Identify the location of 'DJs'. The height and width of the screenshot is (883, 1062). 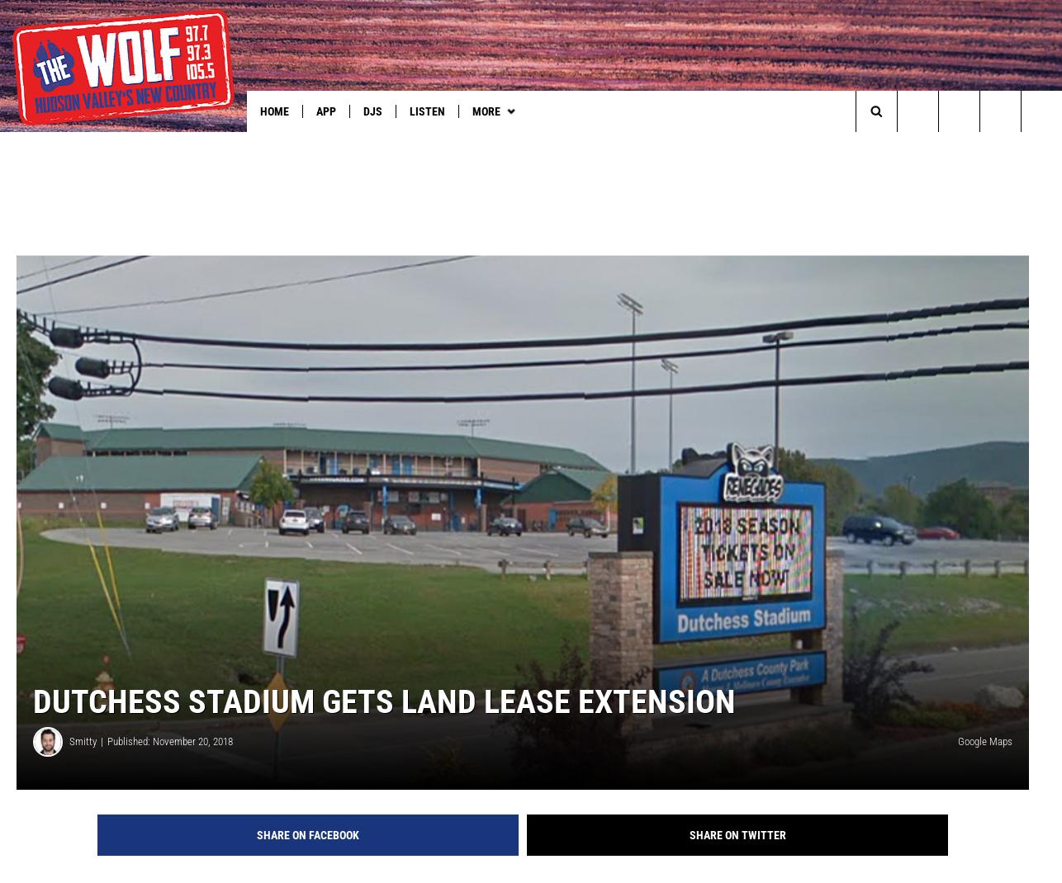
(371, 111).